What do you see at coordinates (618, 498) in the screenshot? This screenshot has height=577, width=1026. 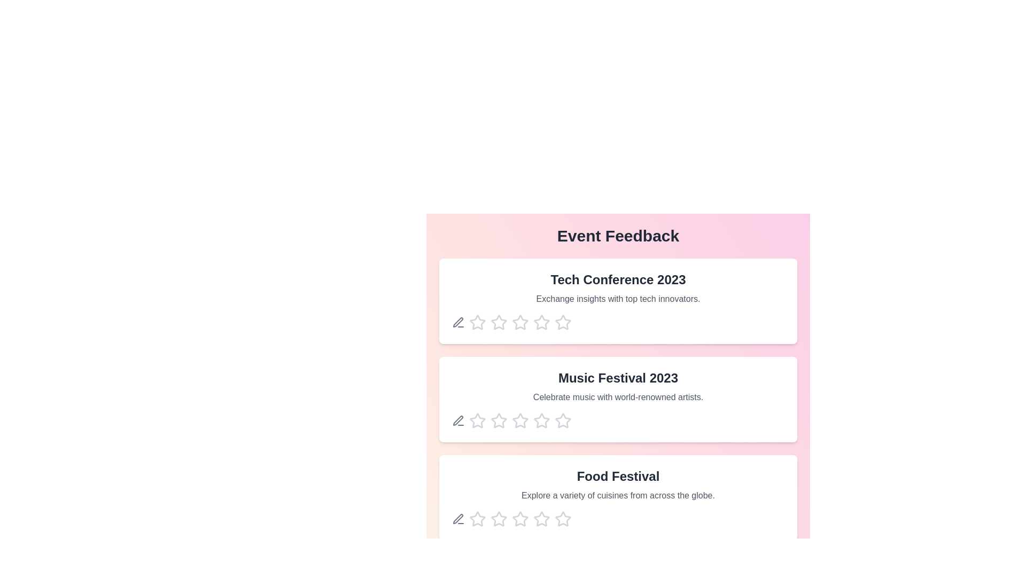 I see `the event card for Food Festival` at bounding box center [618, 498].